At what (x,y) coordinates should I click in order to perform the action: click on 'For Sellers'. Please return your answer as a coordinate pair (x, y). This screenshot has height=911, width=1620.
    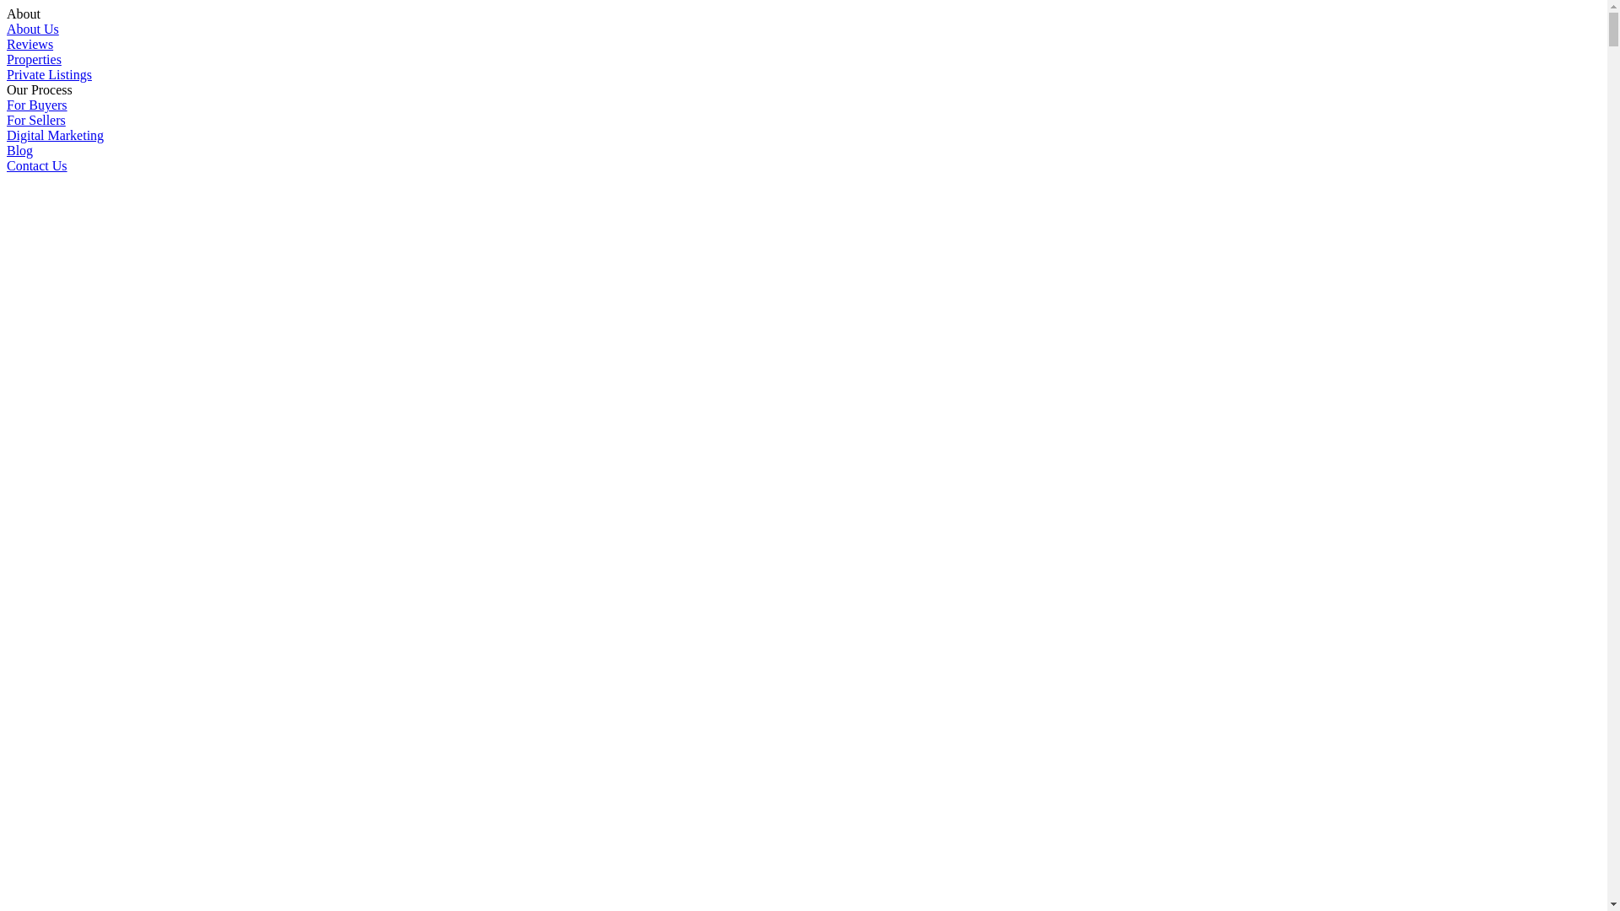
    Looking at the image, I should click on (36, 119).